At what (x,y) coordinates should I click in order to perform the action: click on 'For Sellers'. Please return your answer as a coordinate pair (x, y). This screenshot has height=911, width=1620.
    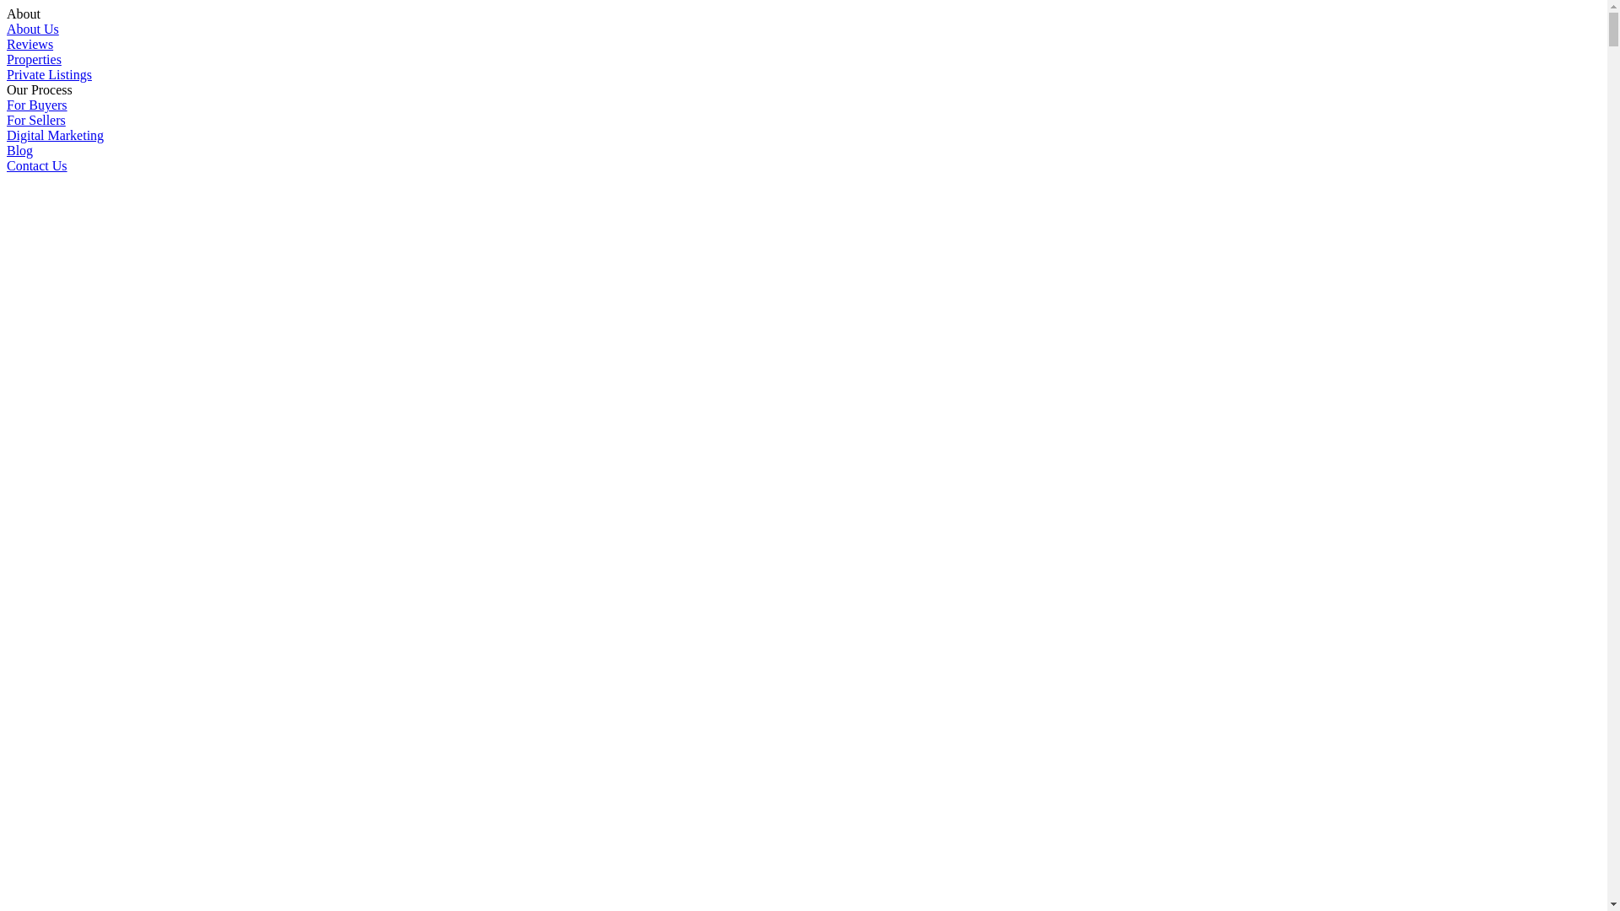
    Looking at the image, I should click on (36, 119).